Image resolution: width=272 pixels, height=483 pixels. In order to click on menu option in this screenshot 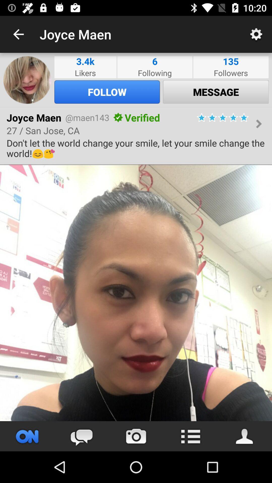, I will do `click(190, 436)`.